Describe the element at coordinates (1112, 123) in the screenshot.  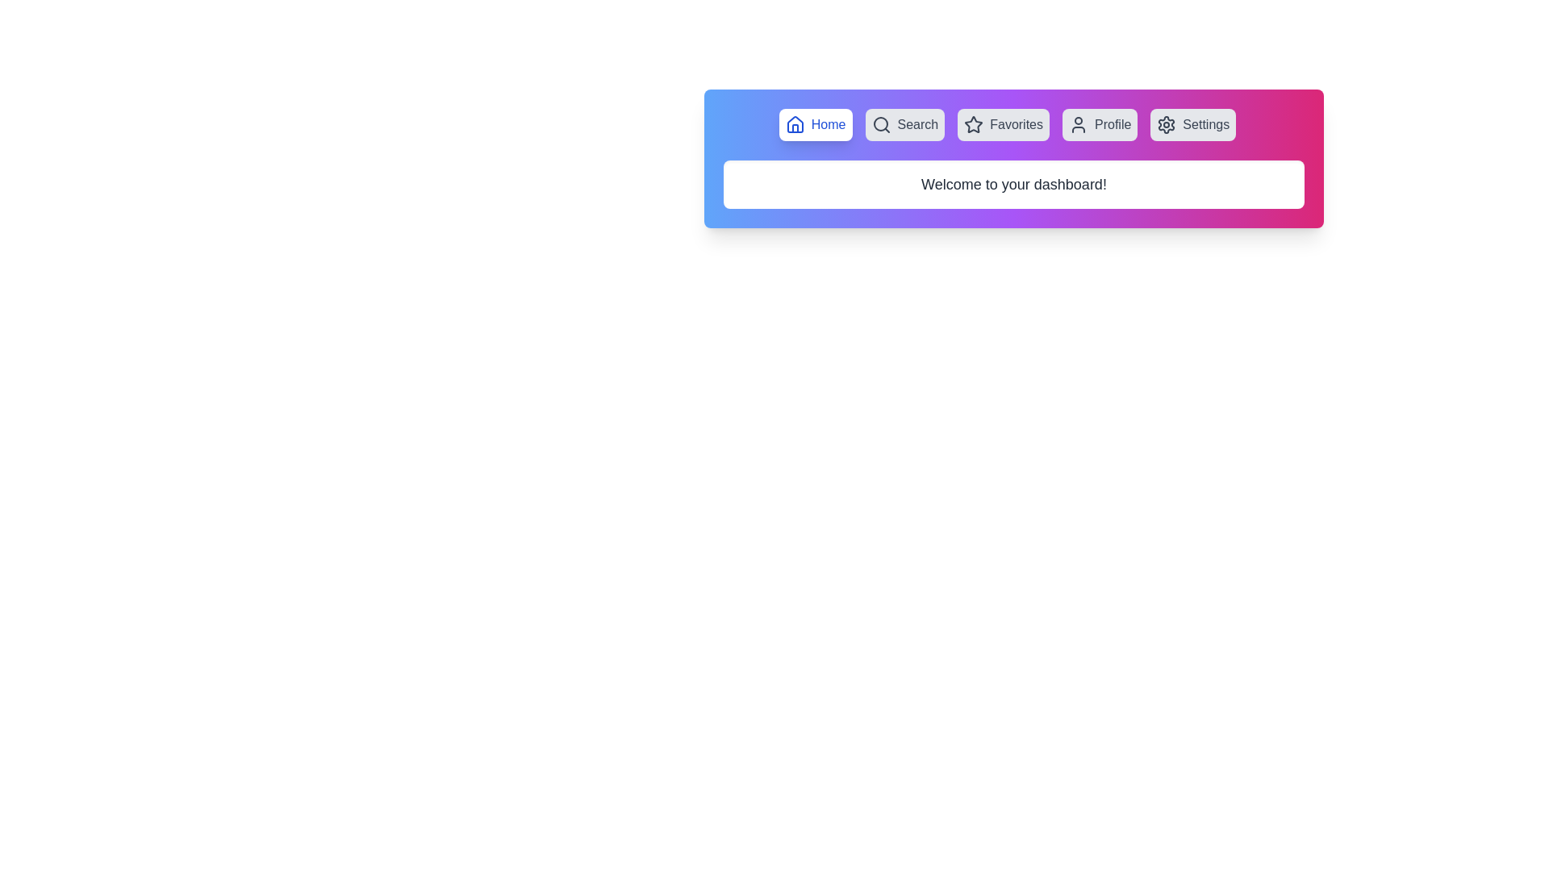
I see `the 'Profile' static text label in the navigation bar, which is located between the 'Favorites' and 'Settings' buttons` at that location.